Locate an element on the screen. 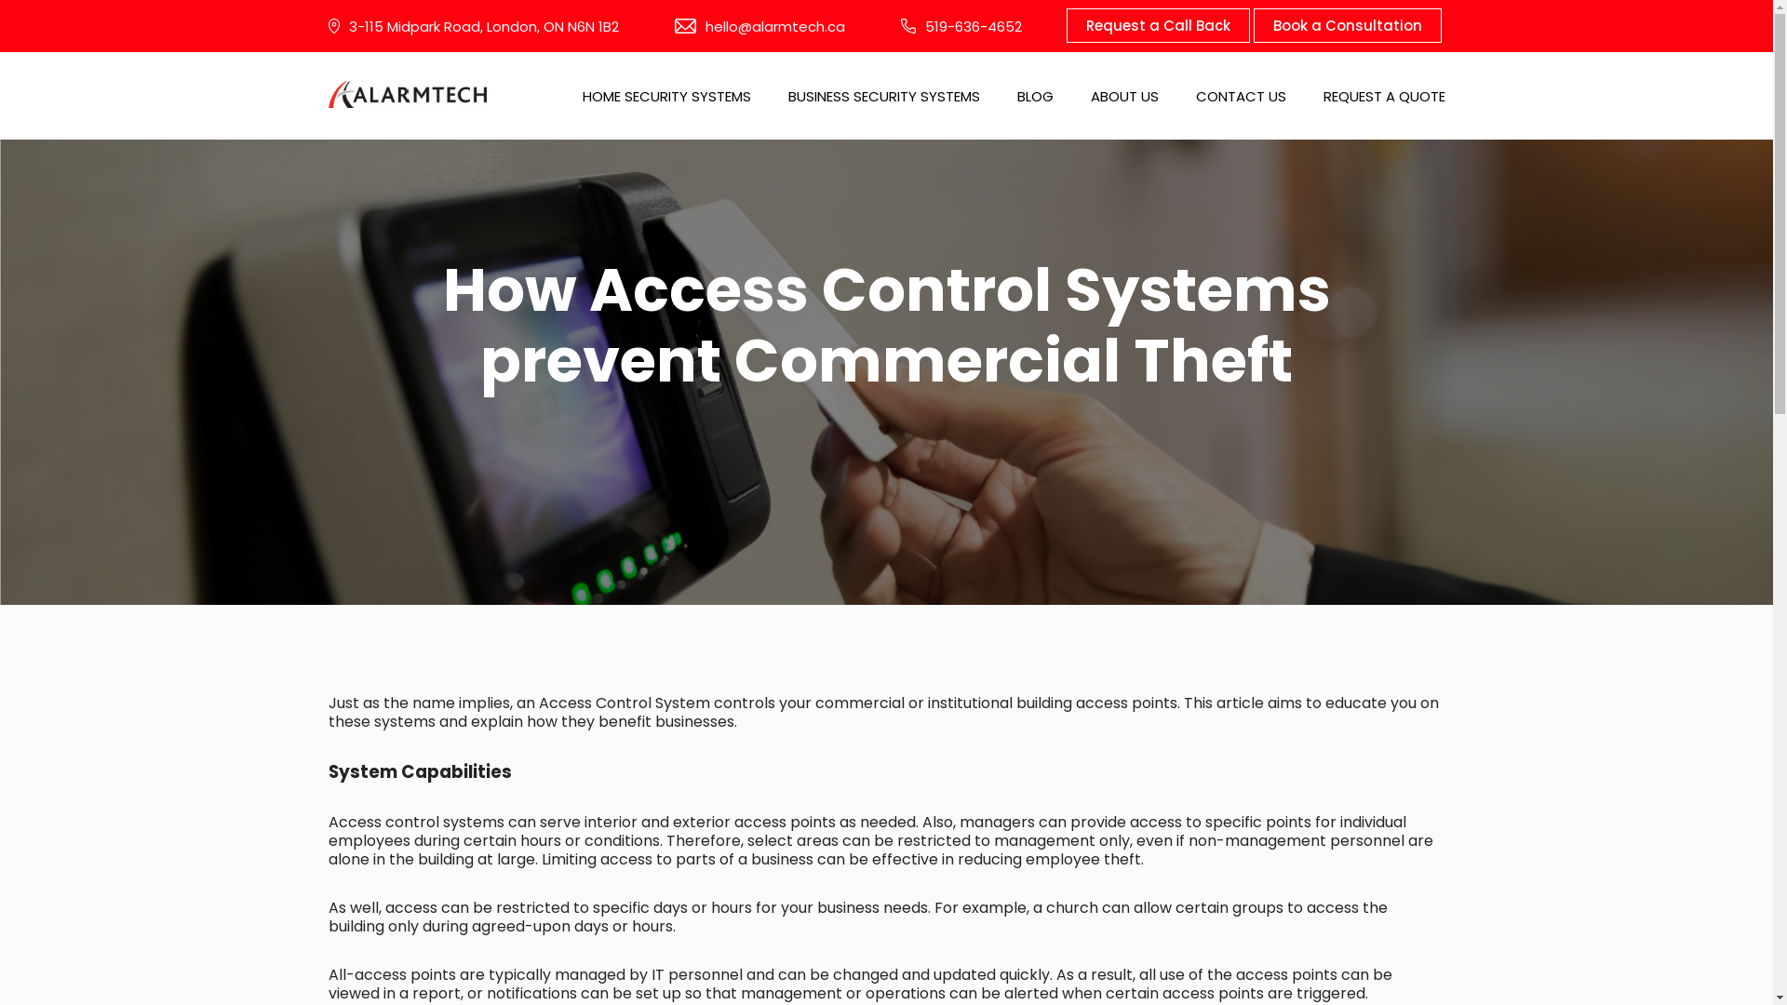 The width and height of the screenshot is (1787, 1005). 'Request a Call Back' is located at coordinates (1067, 25).